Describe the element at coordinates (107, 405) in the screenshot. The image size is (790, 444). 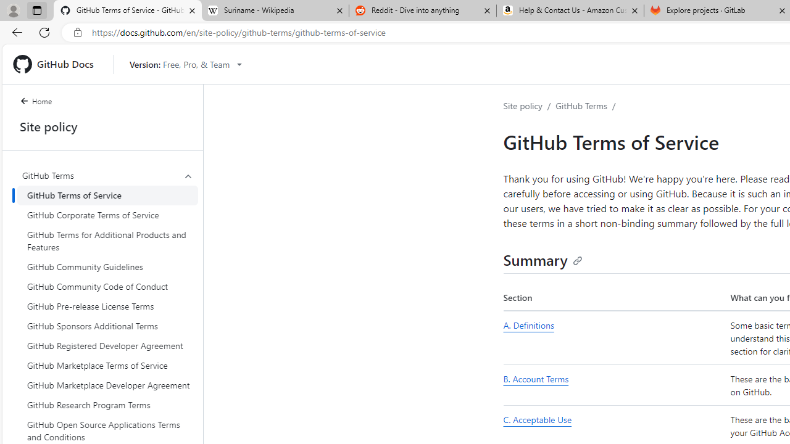
I see `'GitHub Research Program Terms'` at that location.